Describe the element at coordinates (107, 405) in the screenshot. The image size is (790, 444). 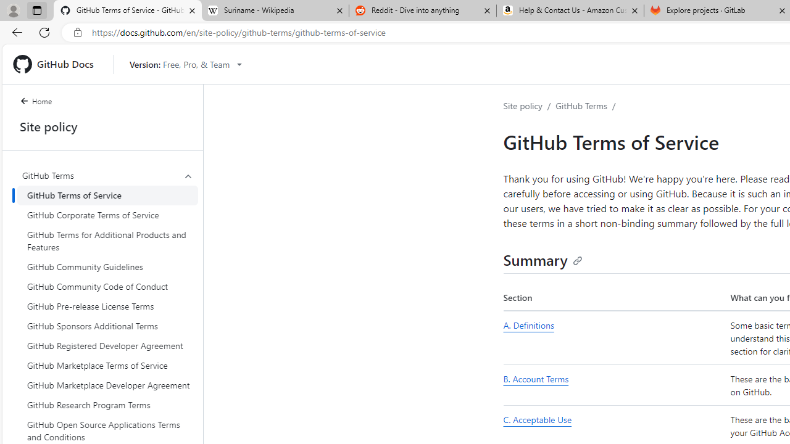
I see `'GitHub Research Program Terms'` at that location.